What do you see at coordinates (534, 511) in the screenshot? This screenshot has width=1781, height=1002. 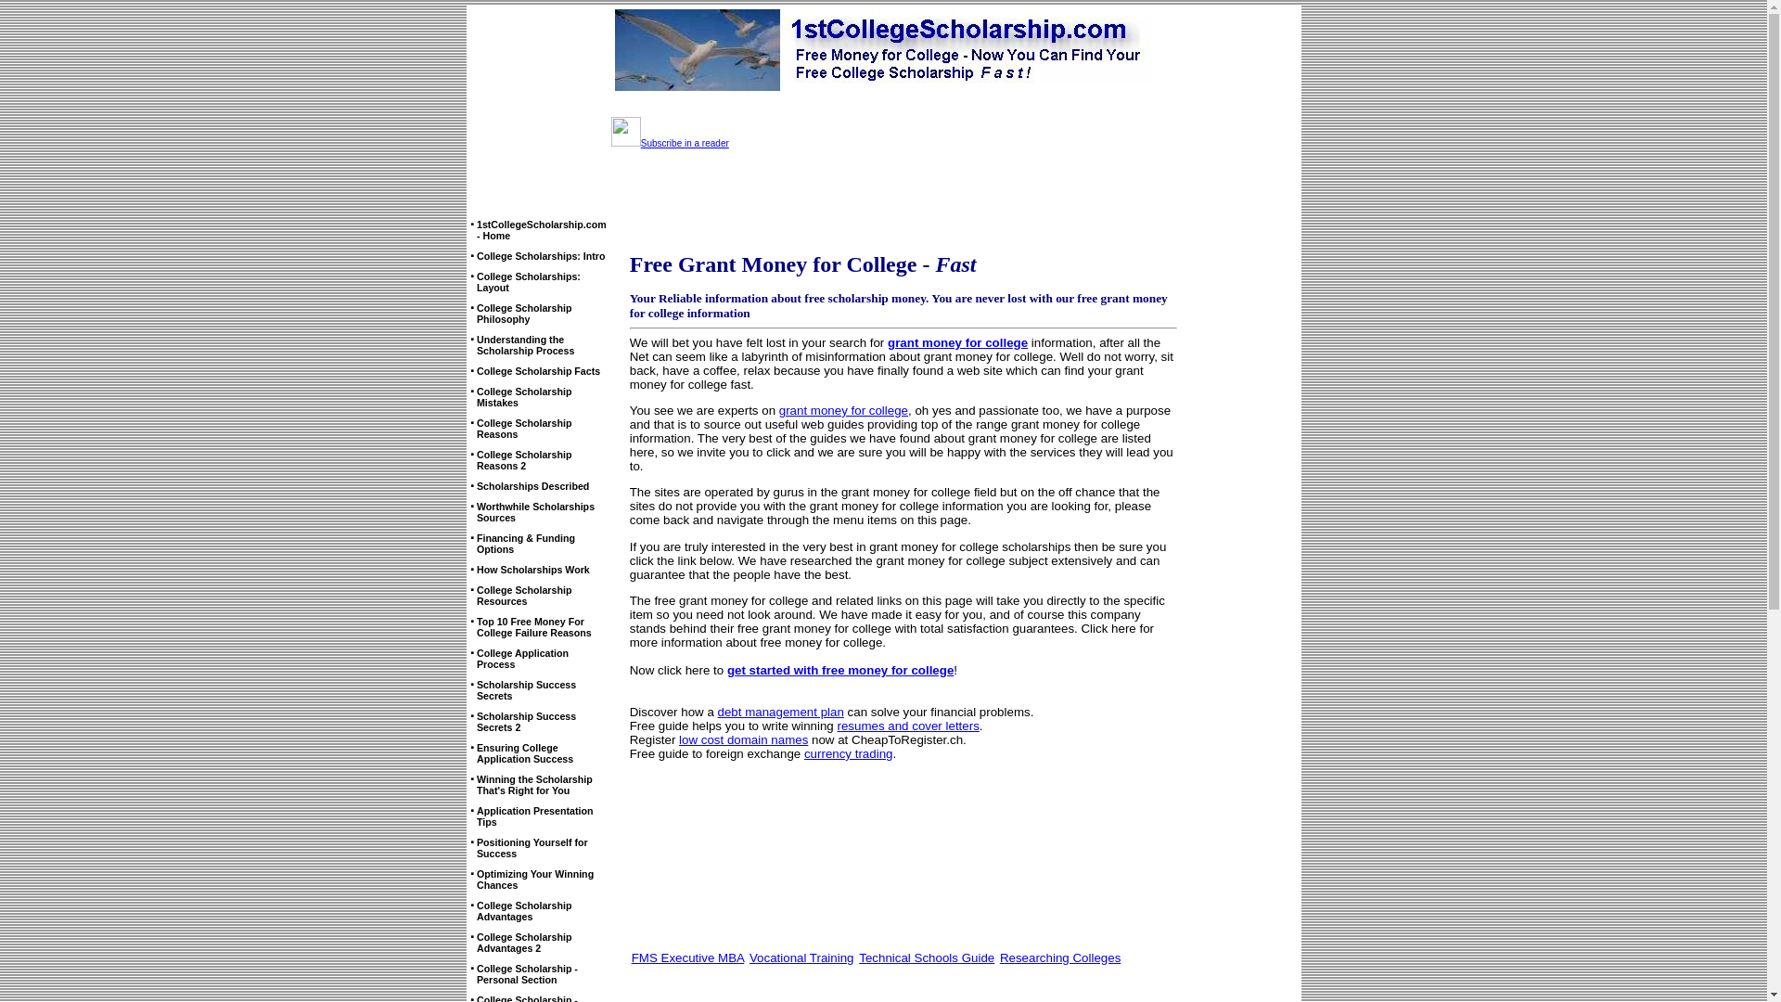 I see `'Worthwhile Scholarships Sources'` at bounding box center [534, 511].